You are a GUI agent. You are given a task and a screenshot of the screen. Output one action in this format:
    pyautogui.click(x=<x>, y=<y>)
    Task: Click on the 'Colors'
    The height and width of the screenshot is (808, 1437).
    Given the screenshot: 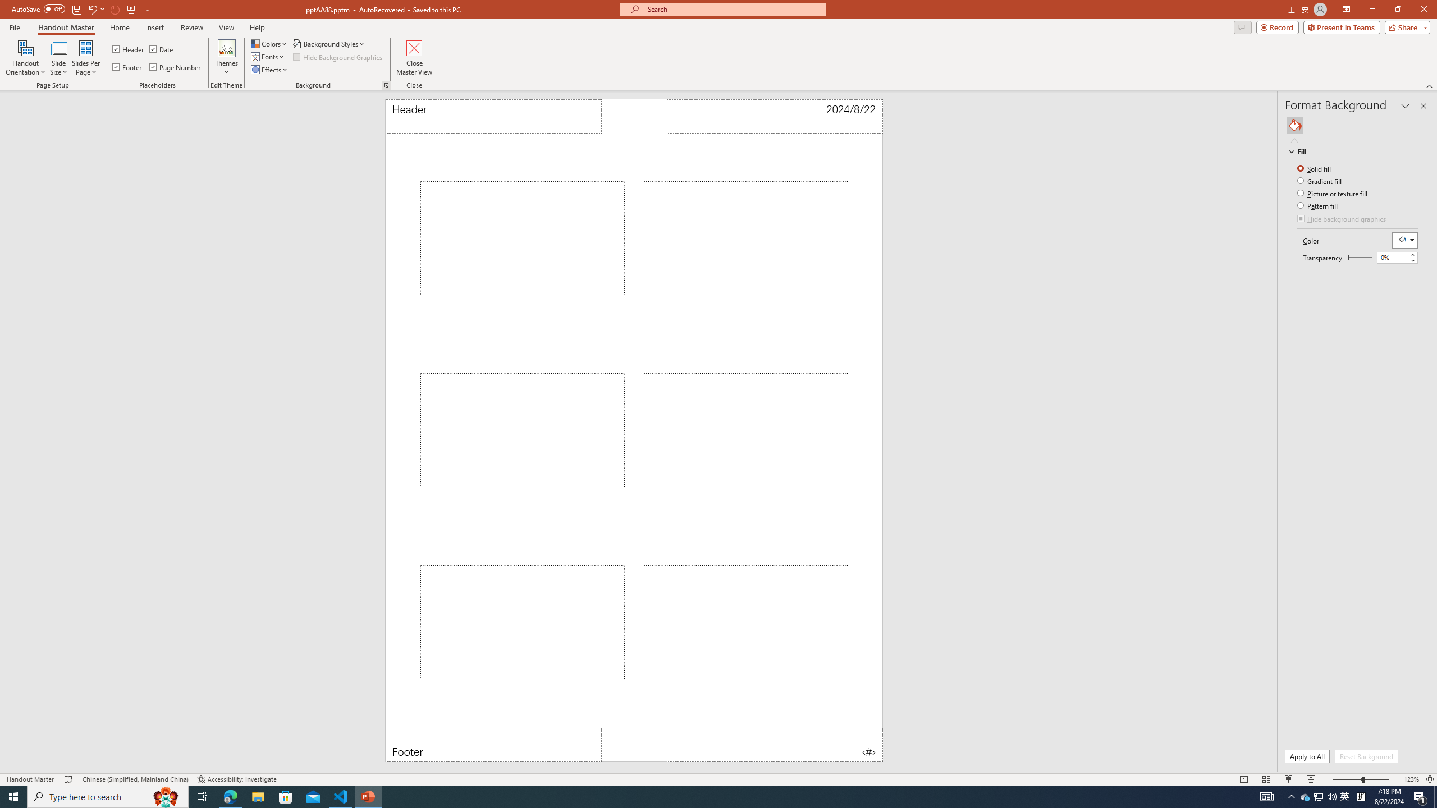 What is the action you would take?
    pyautogui.click(x=269, y=43)
    